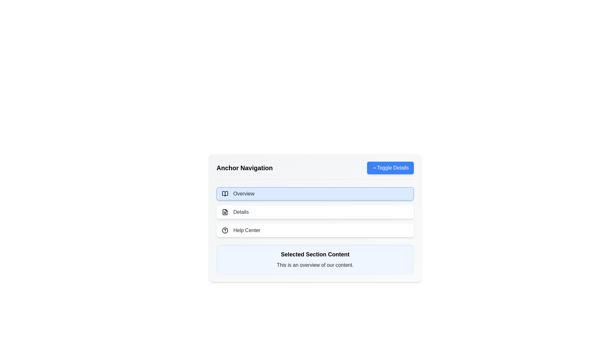 This screenshot has width=607, height=341. Describe the element at coordinates (390, 168) in the screenshot. I see `the 'Toggle Details' button with a blue background and white text` at that location.